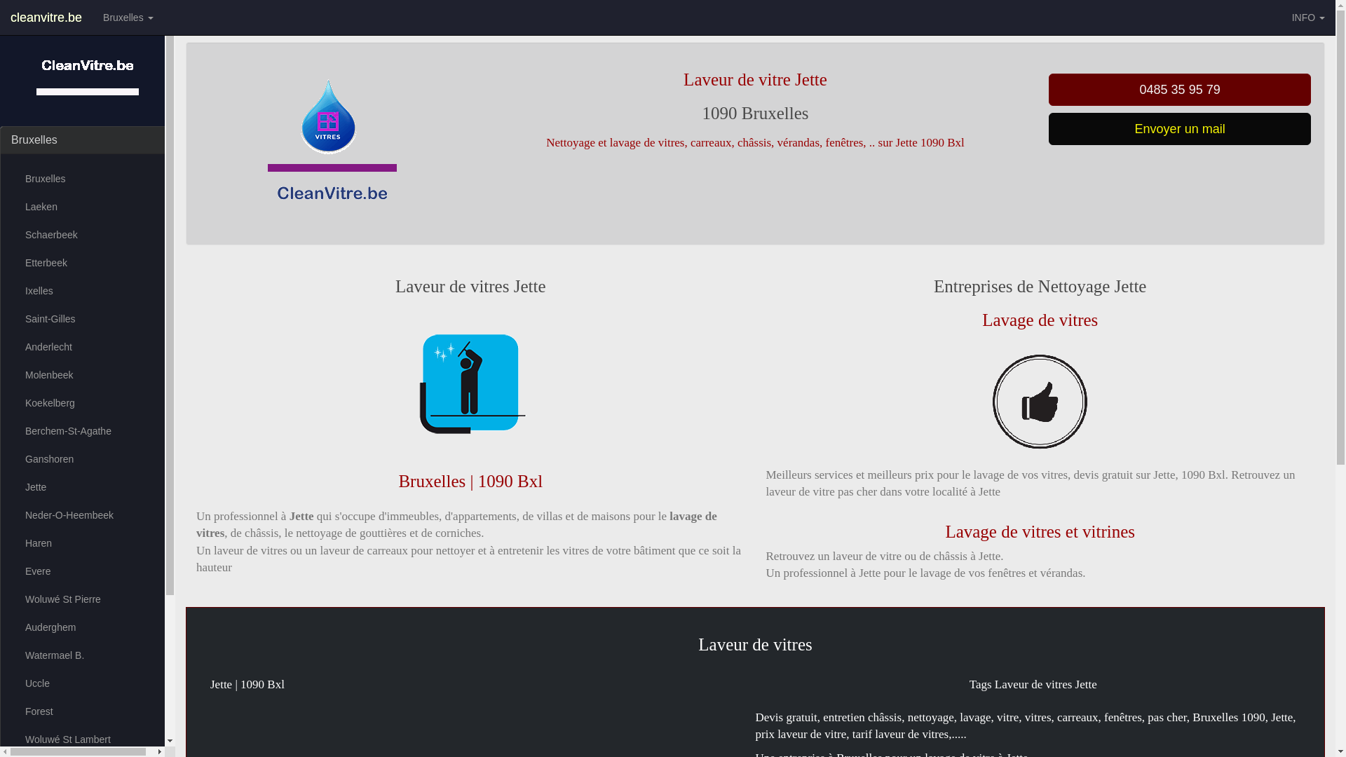  Describe the element at coordinates (86, 319) in the screenshot. I see `'Saint-Gilles'` at that location.